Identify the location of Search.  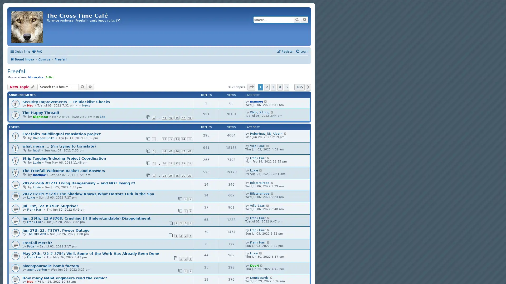
(82, 87).